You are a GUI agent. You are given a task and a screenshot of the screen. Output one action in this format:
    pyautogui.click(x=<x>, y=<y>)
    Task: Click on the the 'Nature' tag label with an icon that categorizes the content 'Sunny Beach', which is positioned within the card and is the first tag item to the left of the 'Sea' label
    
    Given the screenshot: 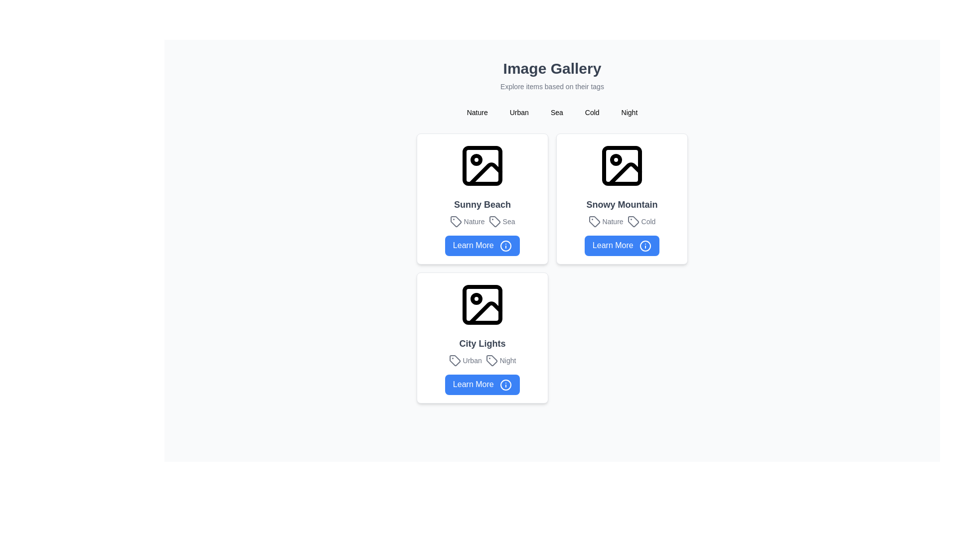 What is the action you would take?
    pyautogui.click(x=467, y=221)
    